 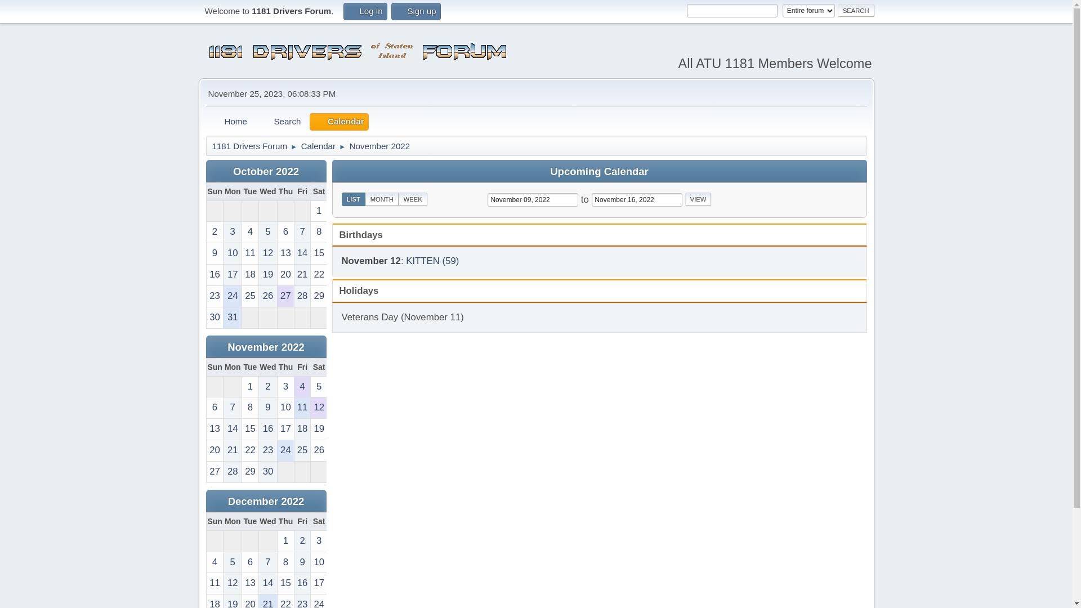 I want to click on '2', so click(x=302, y=540).